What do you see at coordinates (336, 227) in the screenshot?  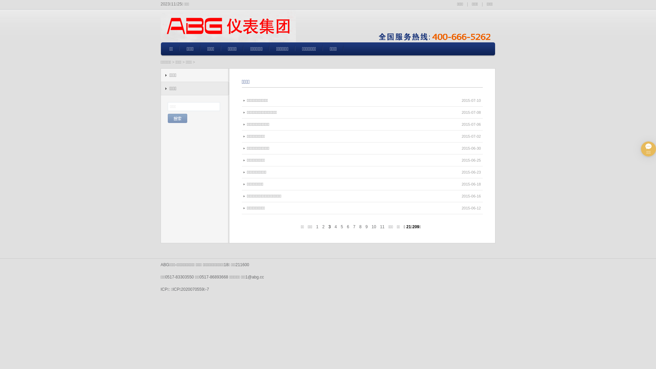 I see `'4'` at bounding box center [336, 227].